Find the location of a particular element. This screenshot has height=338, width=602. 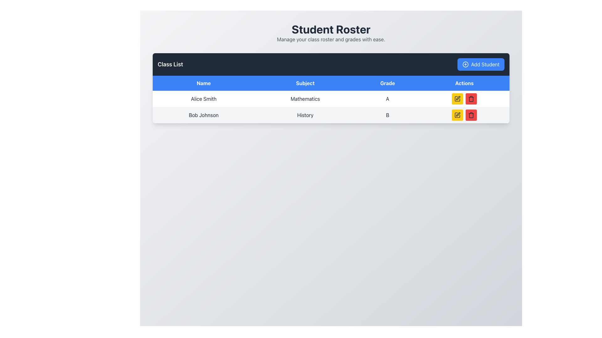

the delete button located in the bottom row of the table under the 'Actions' column, positioned to the right of a yellow button is located at coordinates (471, 99).